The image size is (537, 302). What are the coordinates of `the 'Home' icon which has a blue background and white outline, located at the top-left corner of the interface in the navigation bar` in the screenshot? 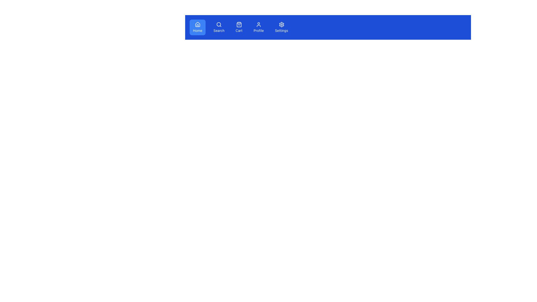 It's located at (197, 24).